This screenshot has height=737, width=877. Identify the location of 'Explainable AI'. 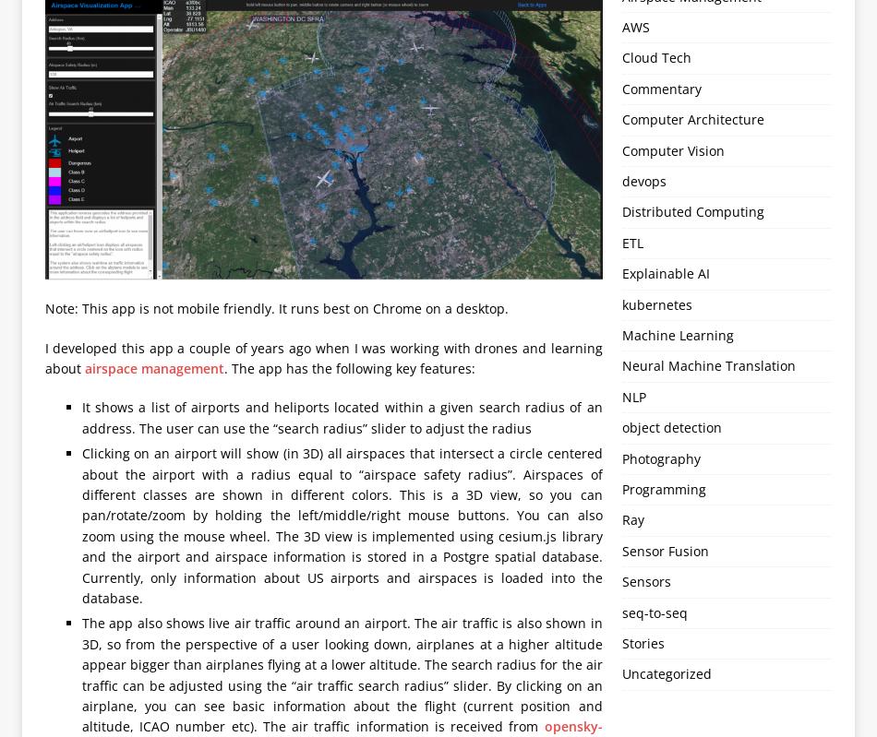
(664, 272).